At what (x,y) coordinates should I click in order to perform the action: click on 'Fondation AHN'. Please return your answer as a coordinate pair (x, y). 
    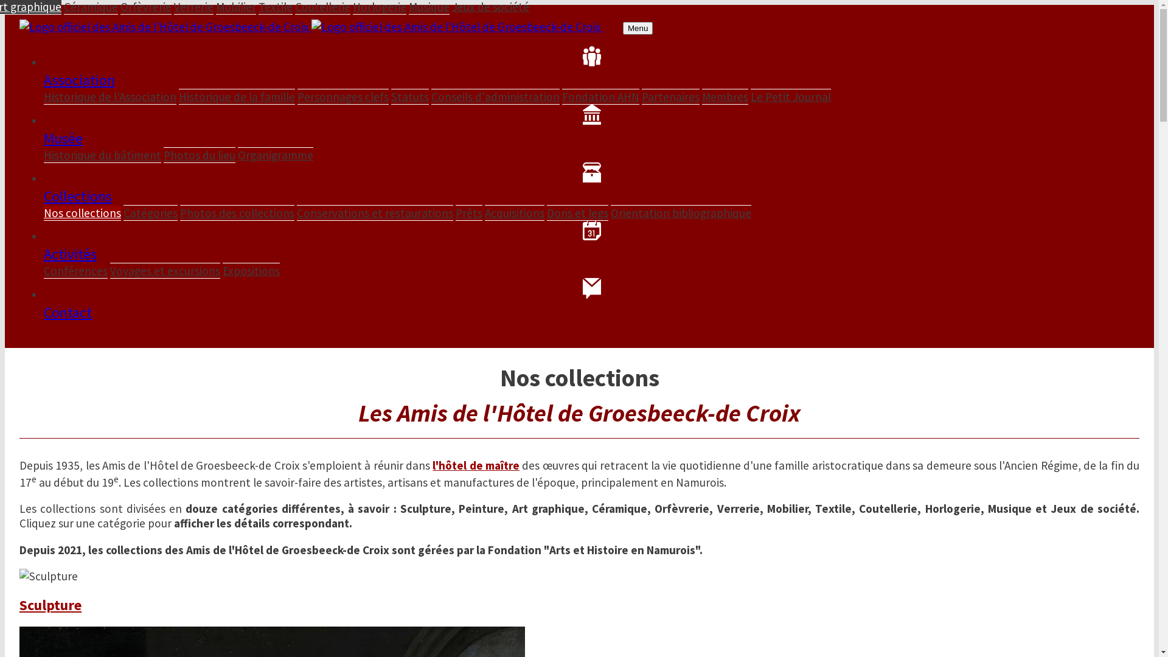
    Looking at the image, I should click on (600, 96).